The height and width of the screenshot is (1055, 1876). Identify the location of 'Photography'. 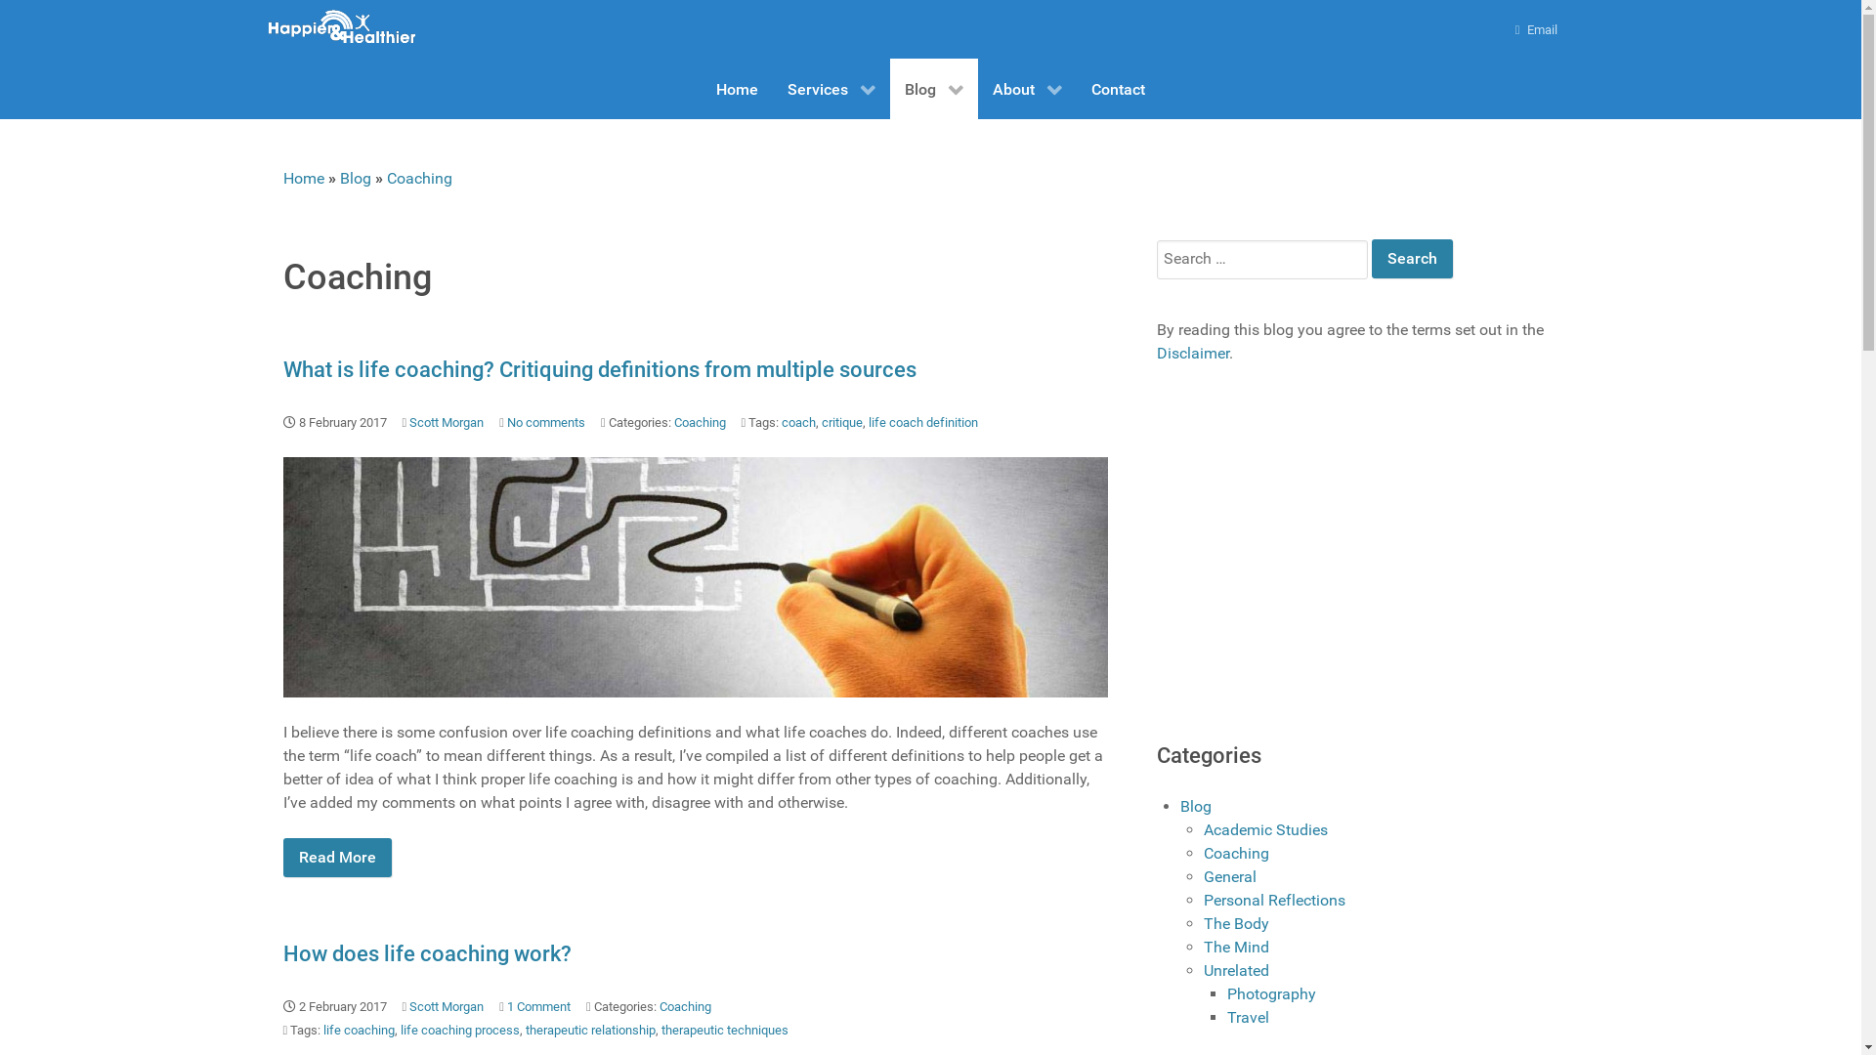
(1226, 993).